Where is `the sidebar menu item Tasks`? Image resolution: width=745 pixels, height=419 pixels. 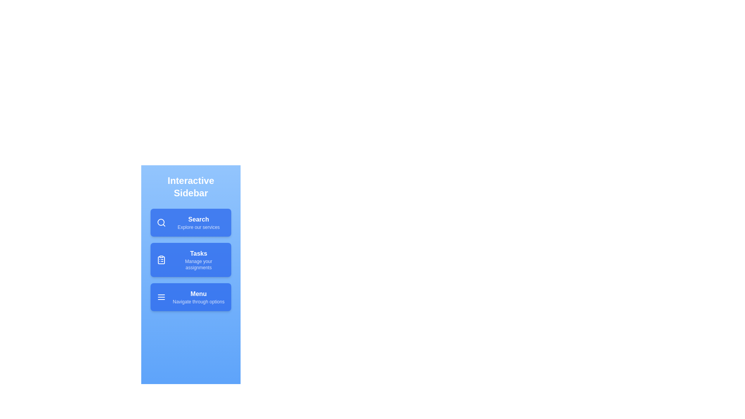 the sidebar menu item Tasks is located at coordinates (191, 260).